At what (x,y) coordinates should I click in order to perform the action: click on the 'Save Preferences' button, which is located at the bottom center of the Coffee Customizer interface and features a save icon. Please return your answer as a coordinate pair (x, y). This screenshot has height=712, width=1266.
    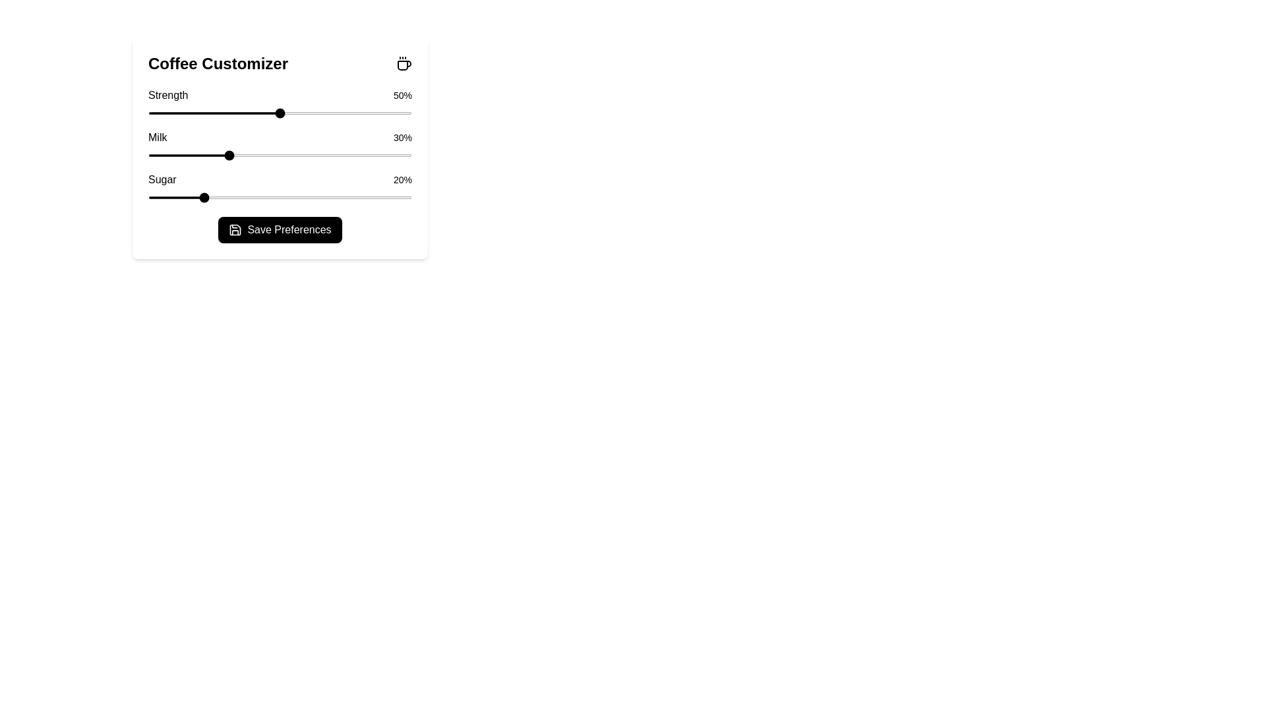
    Looking at the image, I should click on (235, 229).